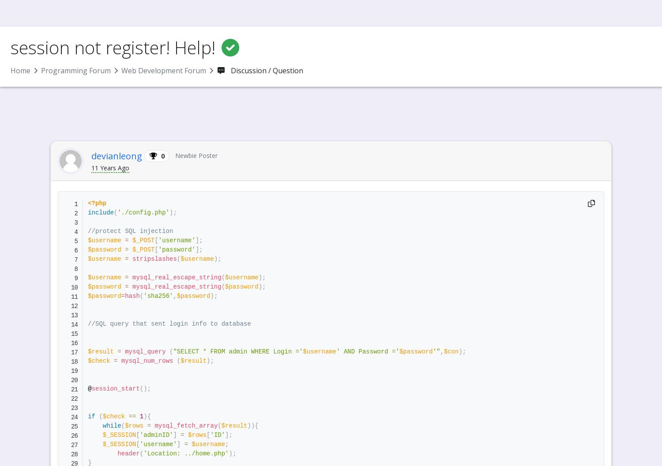 The width and height of the screenshot is (662, 466). I want to click on 'Don't give idiots who try to hack your page more room to get a right answer. Treat slashes as an invalid character.', so click(270, 263).